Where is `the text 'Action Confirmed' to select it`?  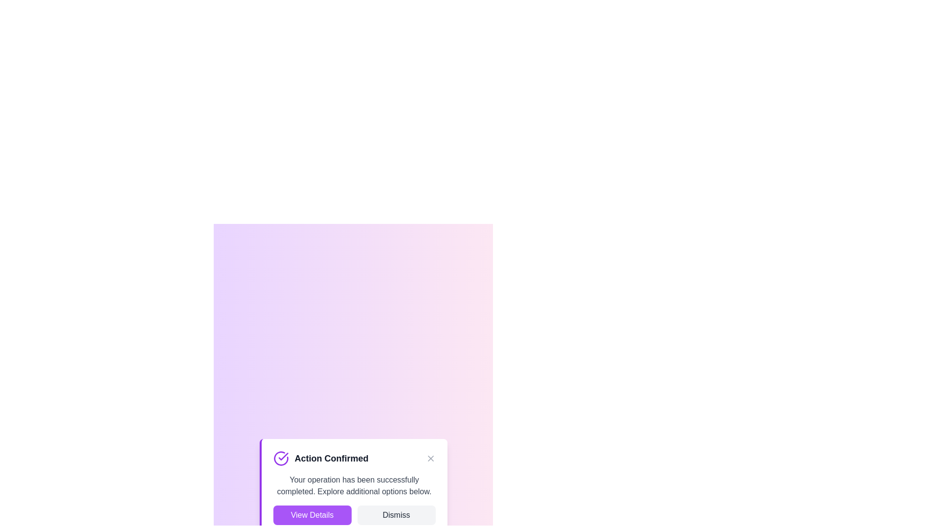 the text 'Action Confirmed' to select it is located at coordinates (354, 458).